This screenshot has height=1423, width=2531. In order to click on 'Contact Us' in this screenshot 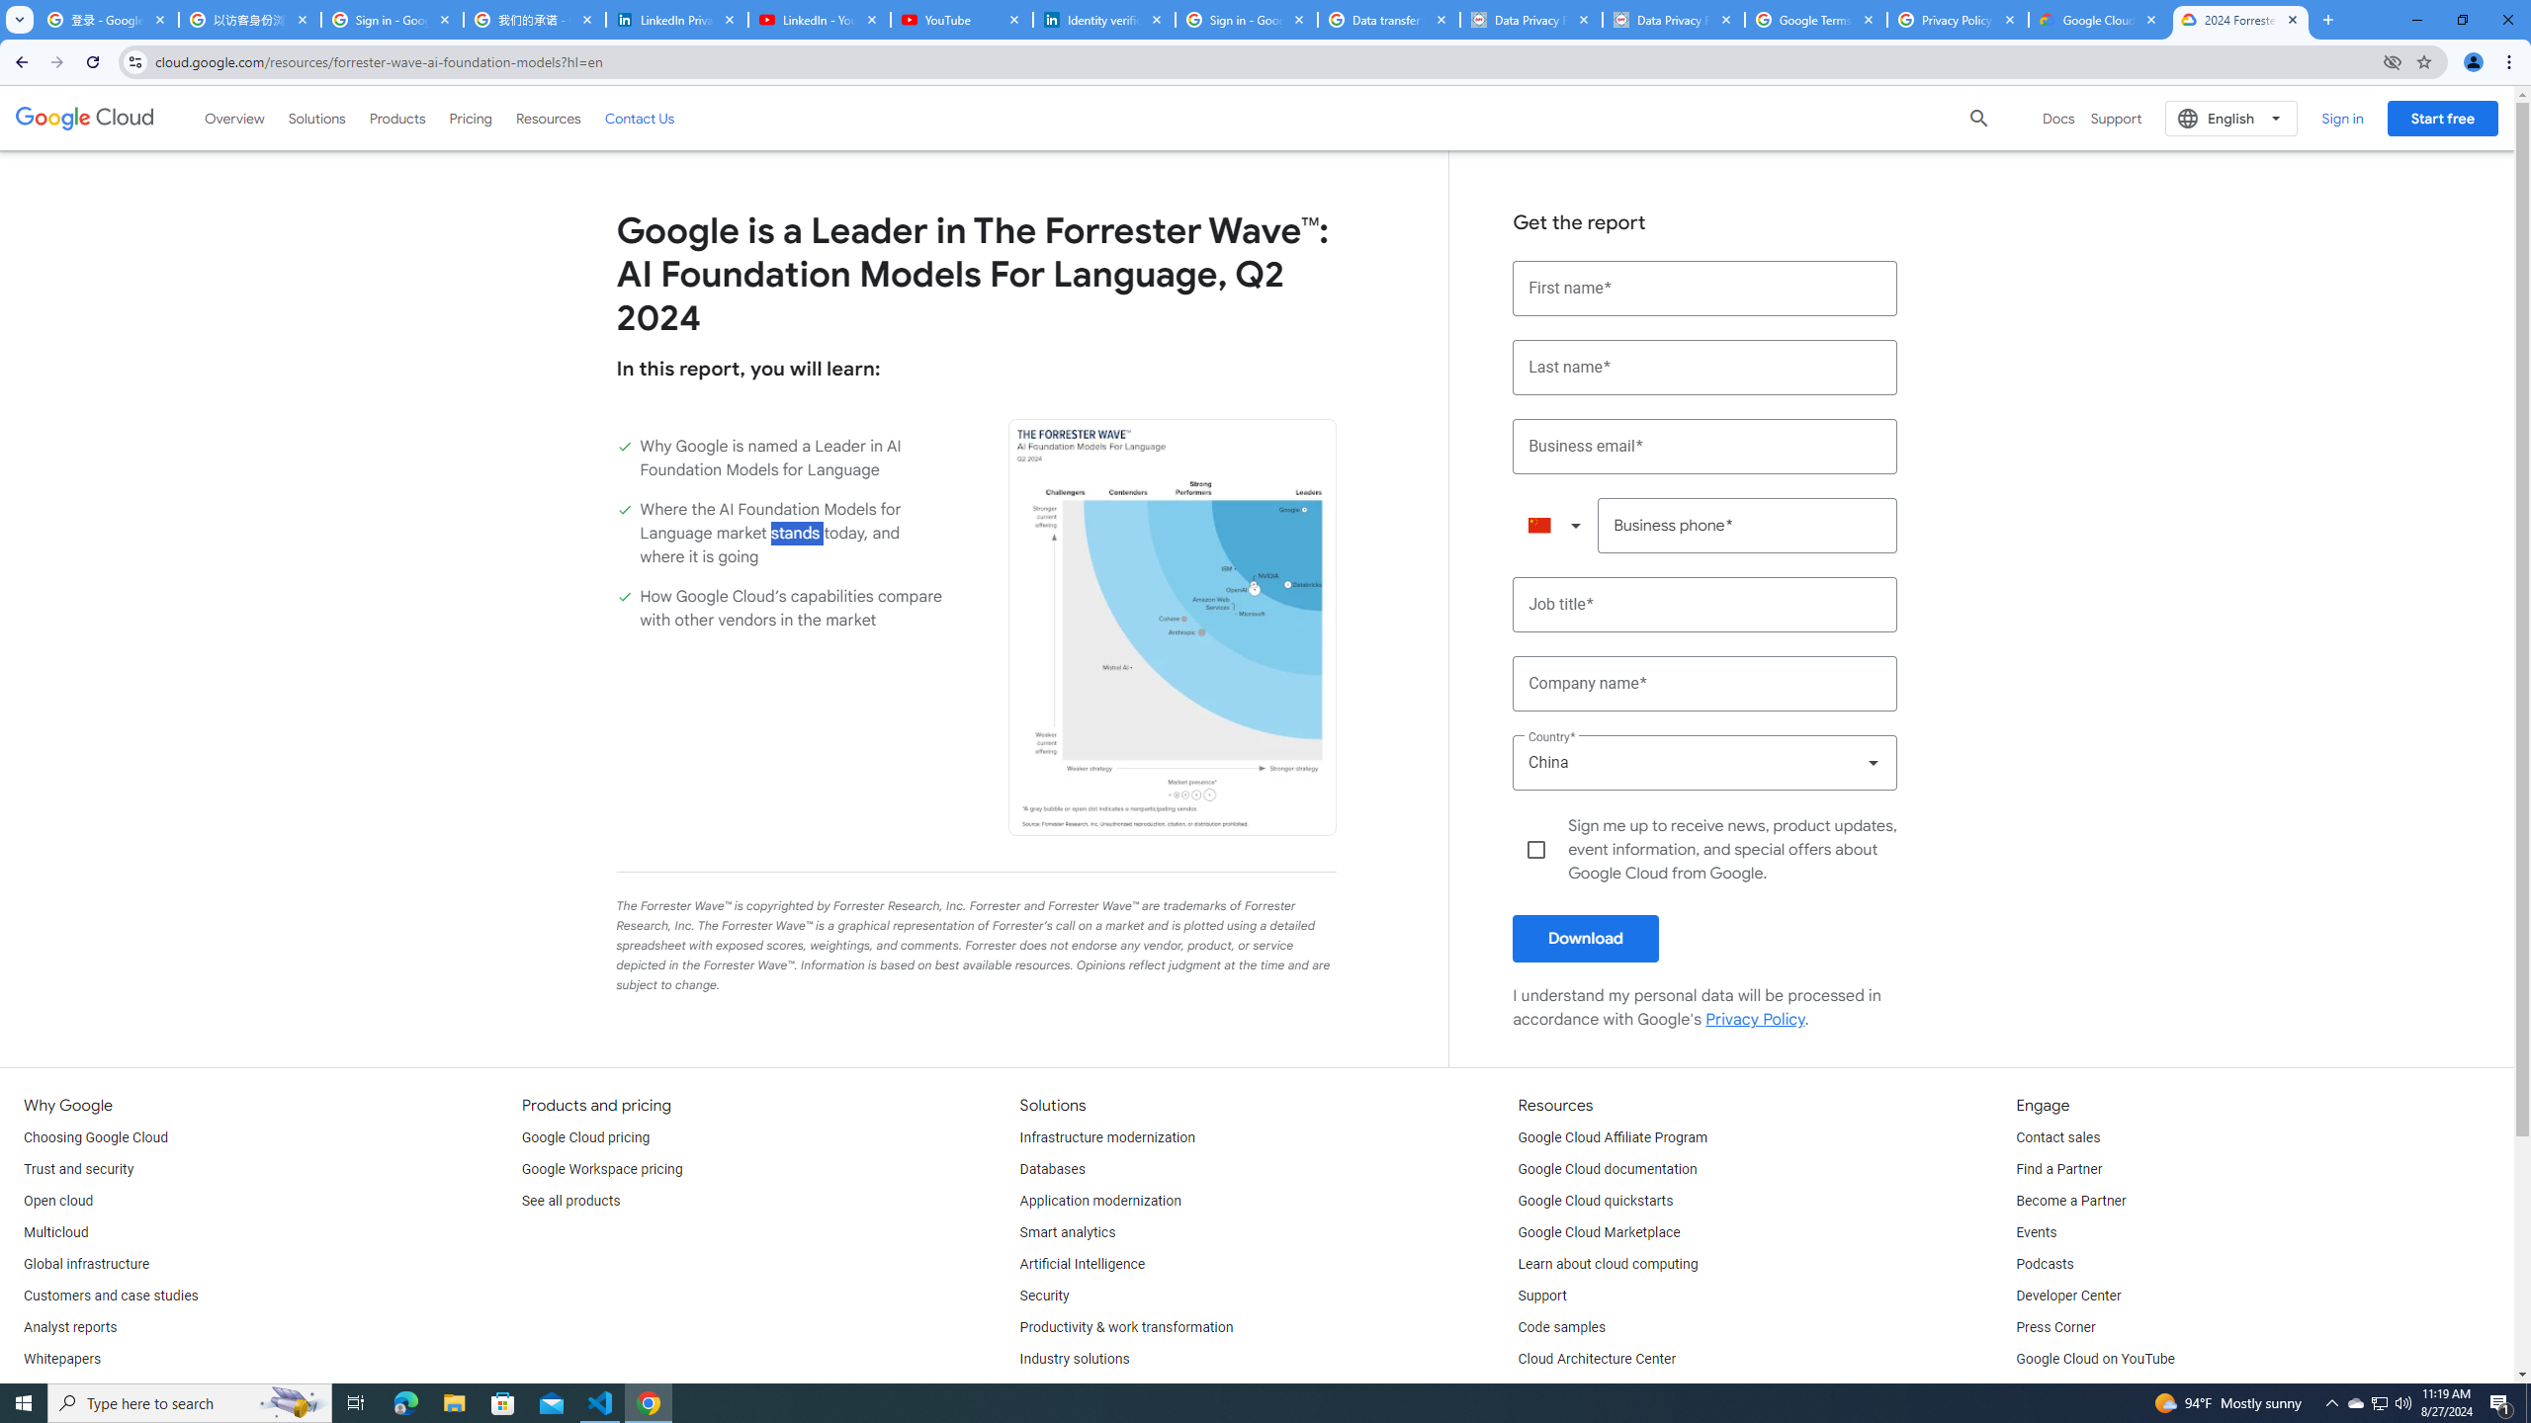, I will do `click(640, 118)`.